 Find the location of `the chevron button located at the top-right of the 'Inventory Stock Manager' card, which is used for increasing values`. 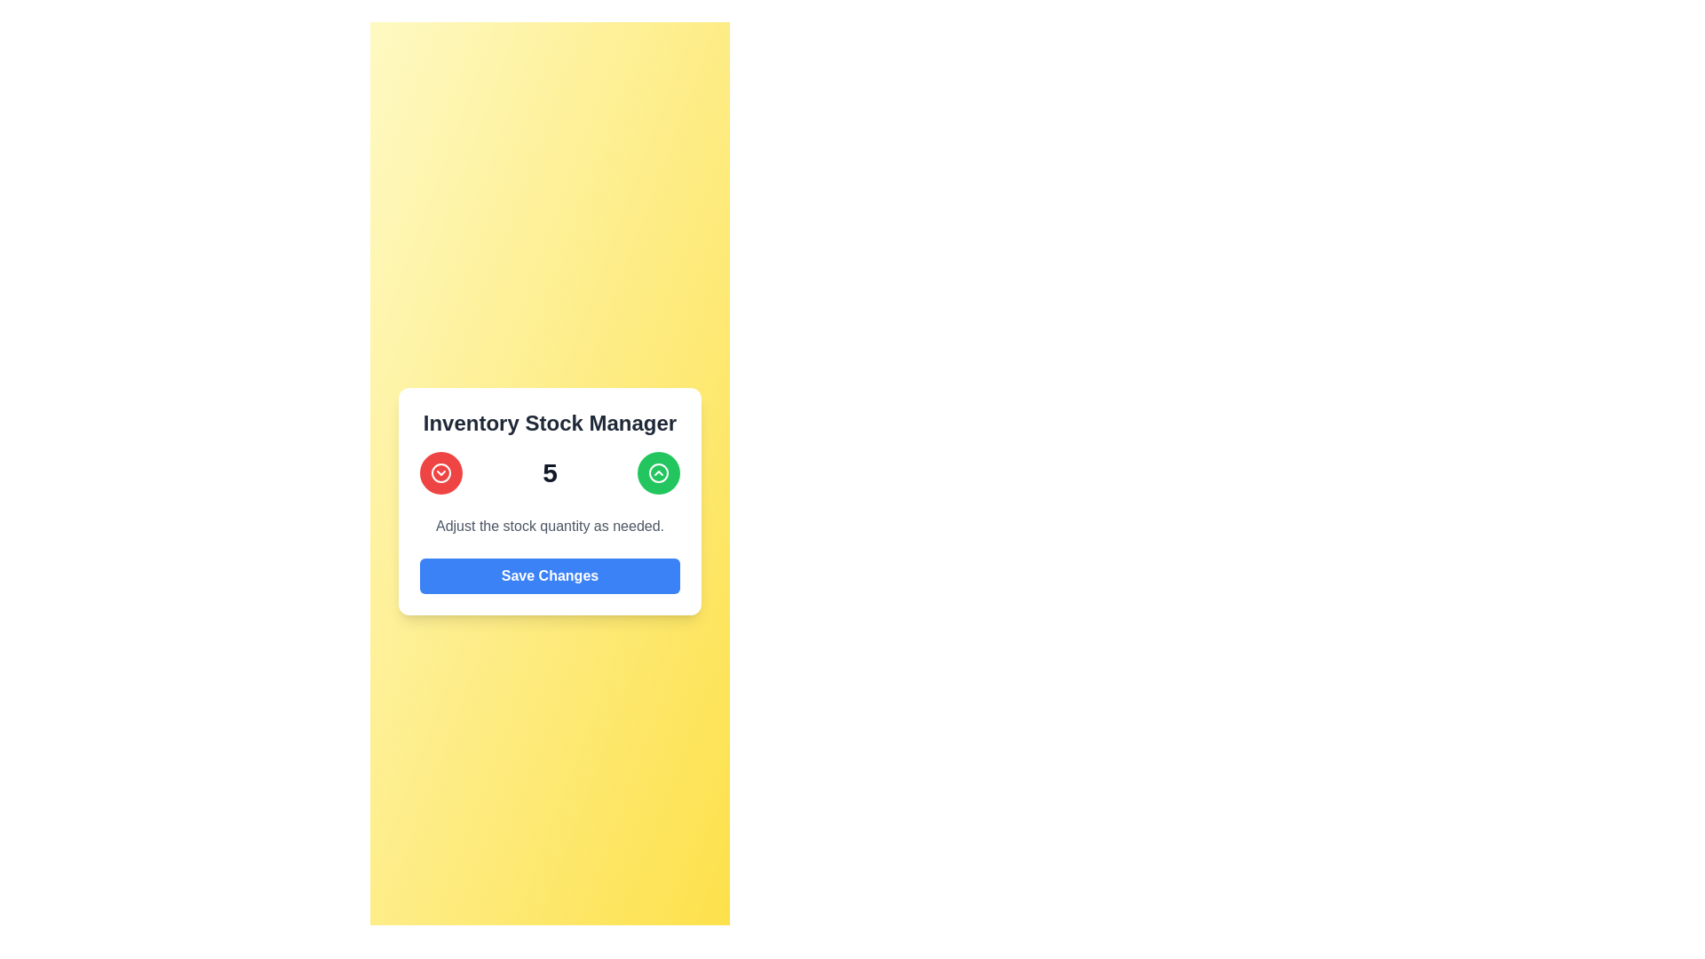

the chevron button located at the top-right of the 'Inventory Stock Manager' card, which is used for increasing values is located at coordinates (658, 472).